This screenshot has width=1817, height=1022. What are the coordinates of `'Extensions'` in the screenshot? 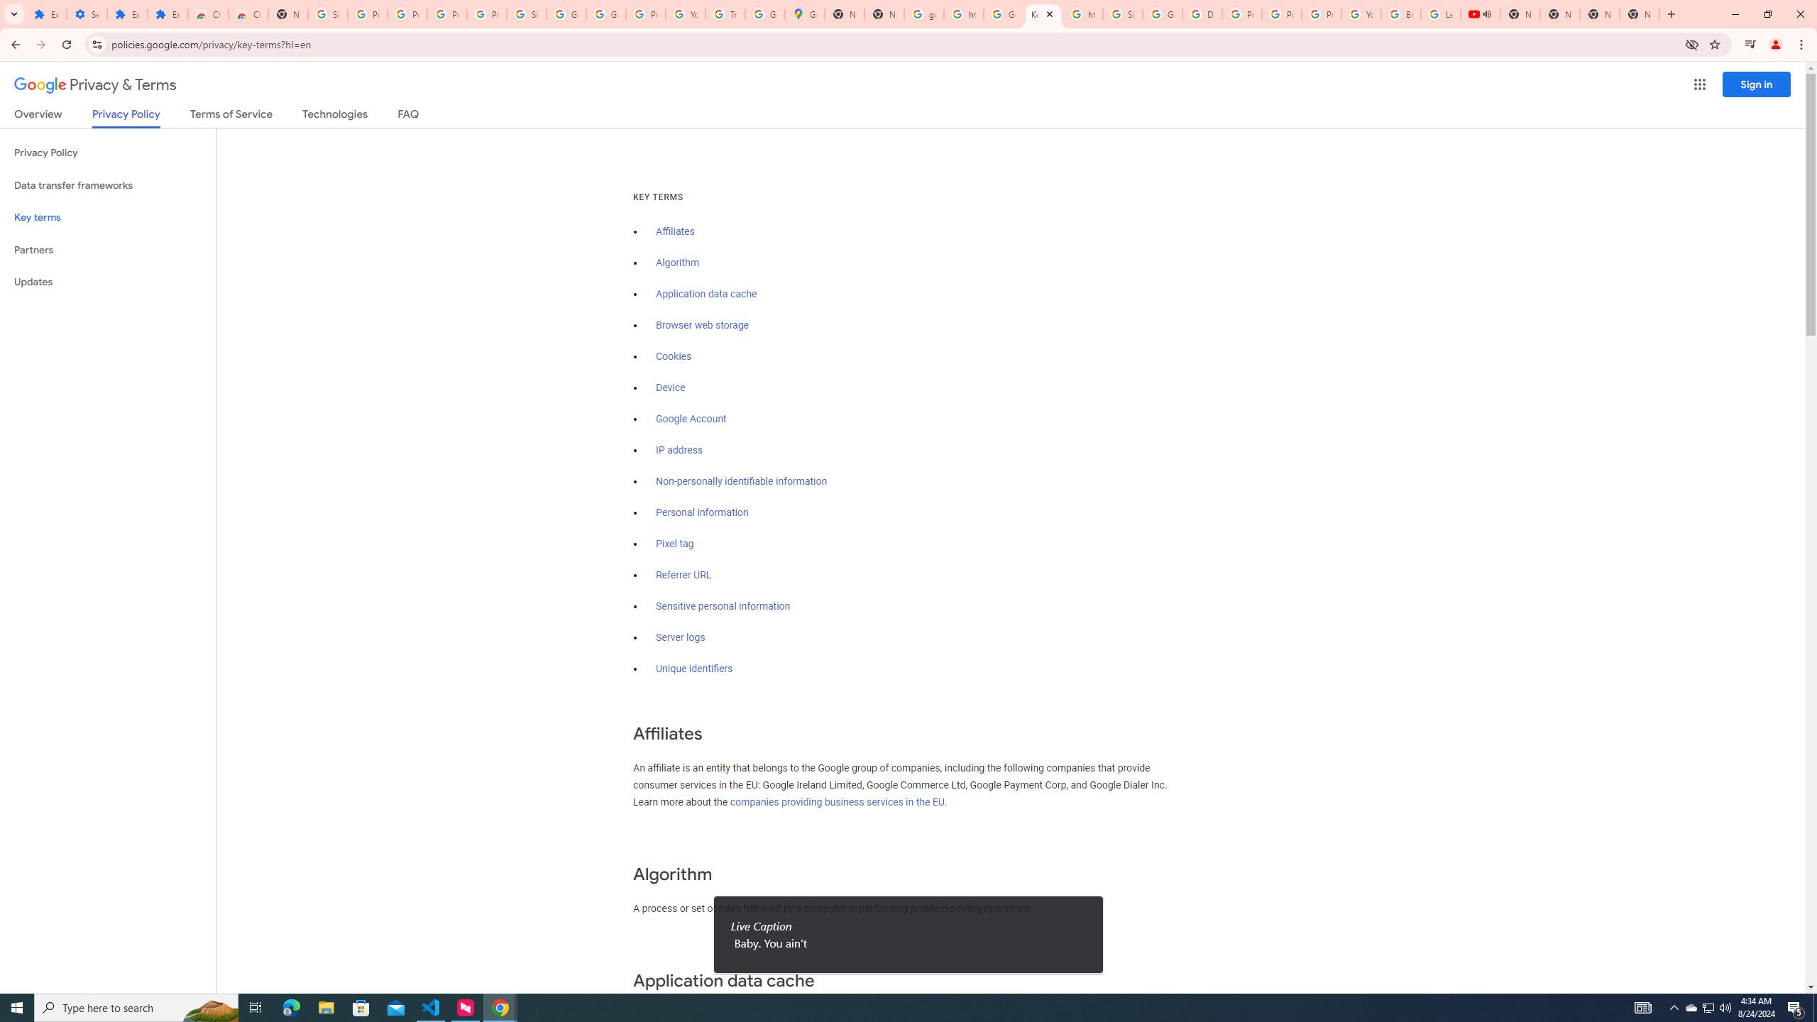 It's located at (127, 13).